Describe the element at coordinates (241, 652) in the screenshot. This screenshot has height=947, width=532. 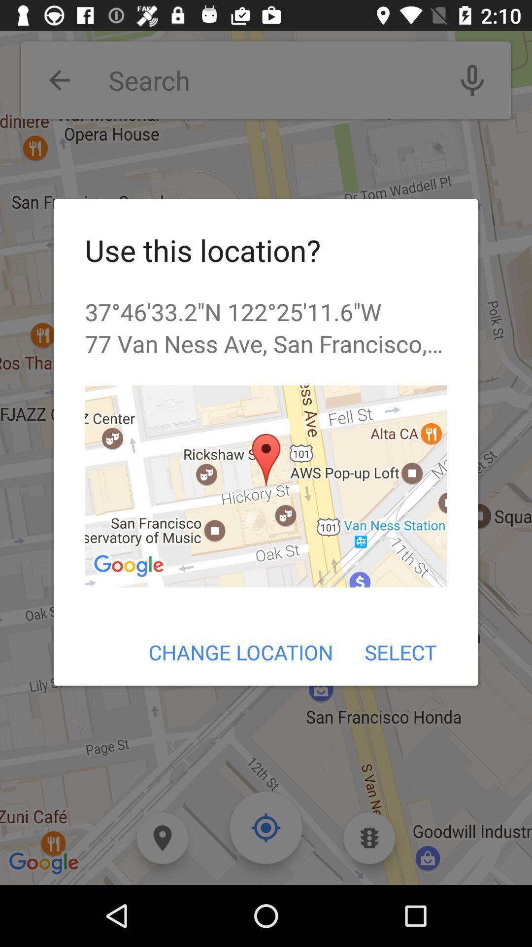
I see `the item to the left of select item` at that location.